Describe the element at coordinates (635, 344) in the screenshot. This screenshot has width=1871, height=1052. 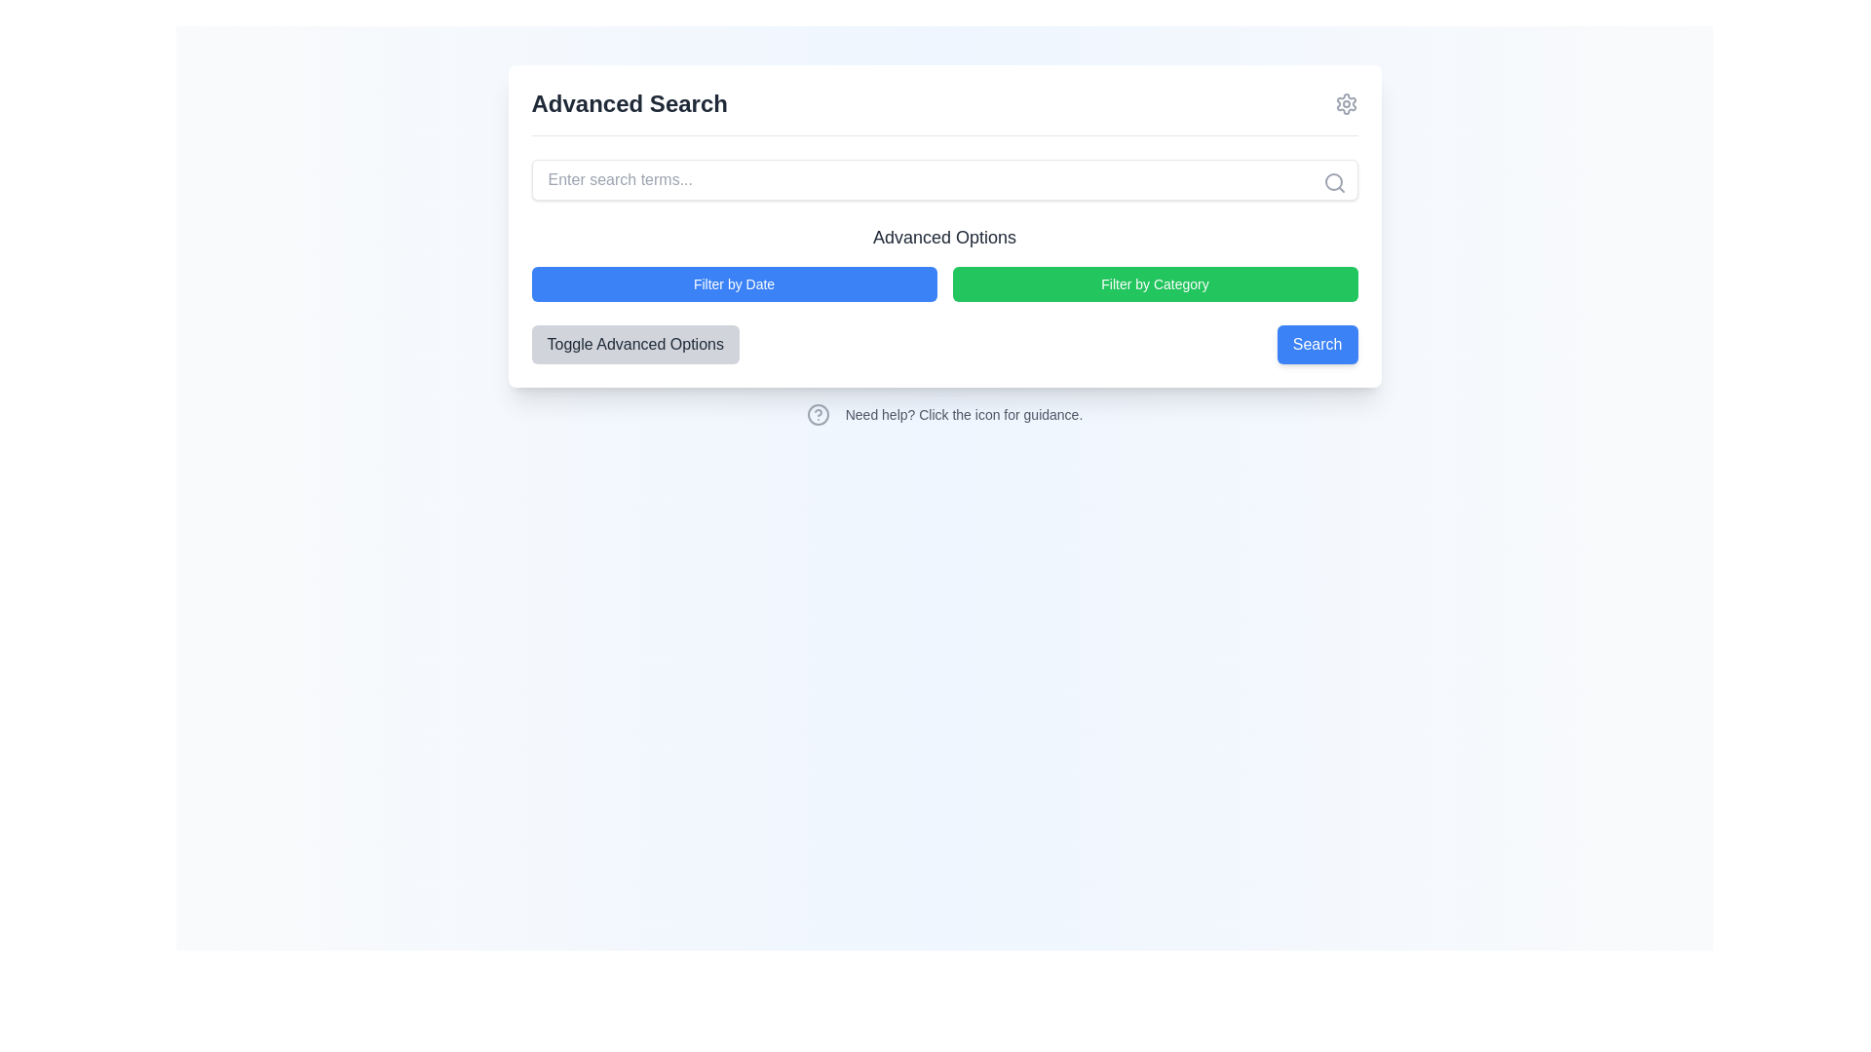
I see `the 'Toggle Advanced Options' button, which has a light gray background and rounded corners` at that location.